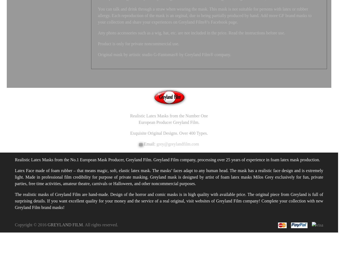 Image resolution: width=347 pixels, height=271 pixels. I want to click on 'grey@greylandfilm.com', so click(177, 144).